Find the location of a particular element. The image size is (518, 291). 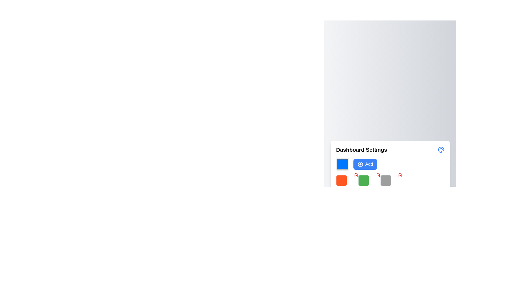

the Text Header element that serves as a title for the dashboard settings is located at coordinates (362, 150).